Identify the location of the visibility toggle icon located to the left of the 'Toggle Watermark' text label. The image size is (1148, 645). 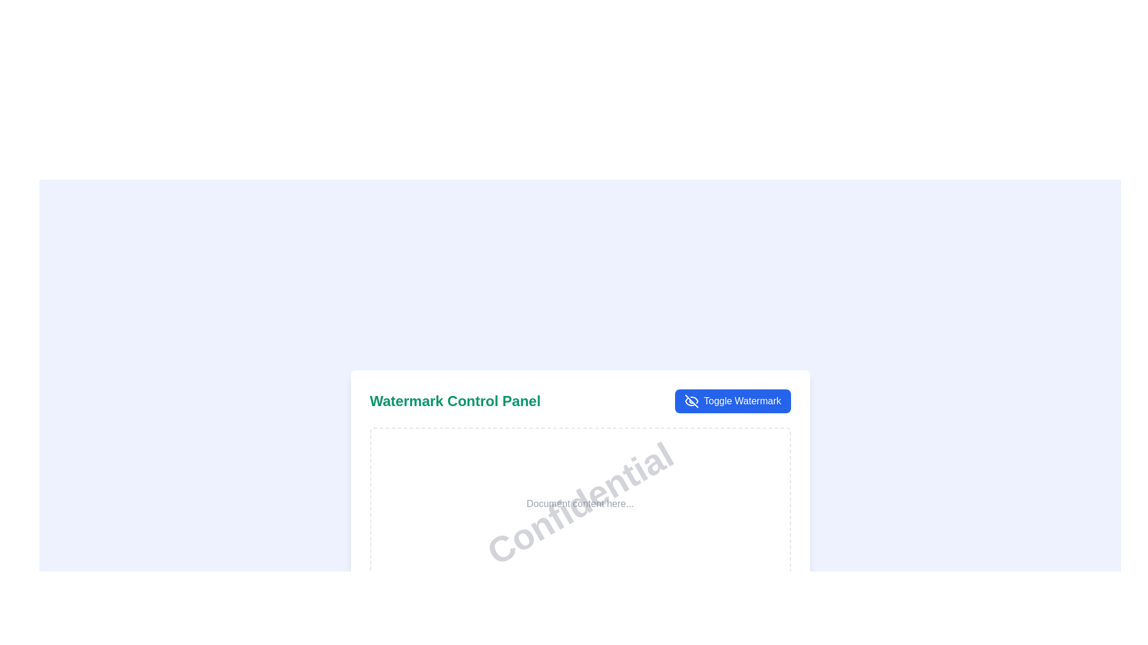
(692, 401).